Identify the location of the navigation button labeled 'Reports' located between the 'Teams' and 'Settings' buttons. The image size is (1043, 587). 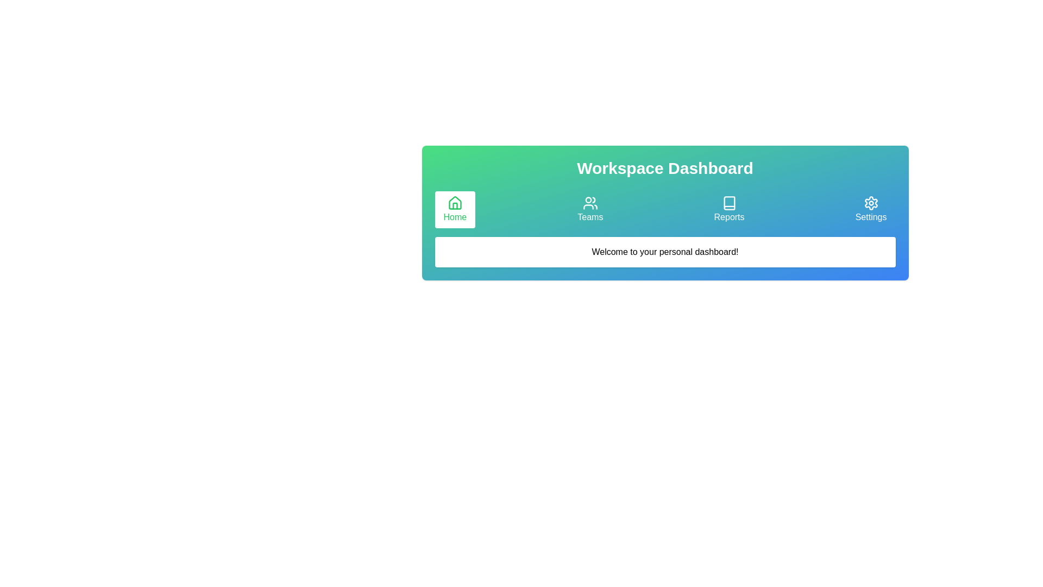
(729, 209).